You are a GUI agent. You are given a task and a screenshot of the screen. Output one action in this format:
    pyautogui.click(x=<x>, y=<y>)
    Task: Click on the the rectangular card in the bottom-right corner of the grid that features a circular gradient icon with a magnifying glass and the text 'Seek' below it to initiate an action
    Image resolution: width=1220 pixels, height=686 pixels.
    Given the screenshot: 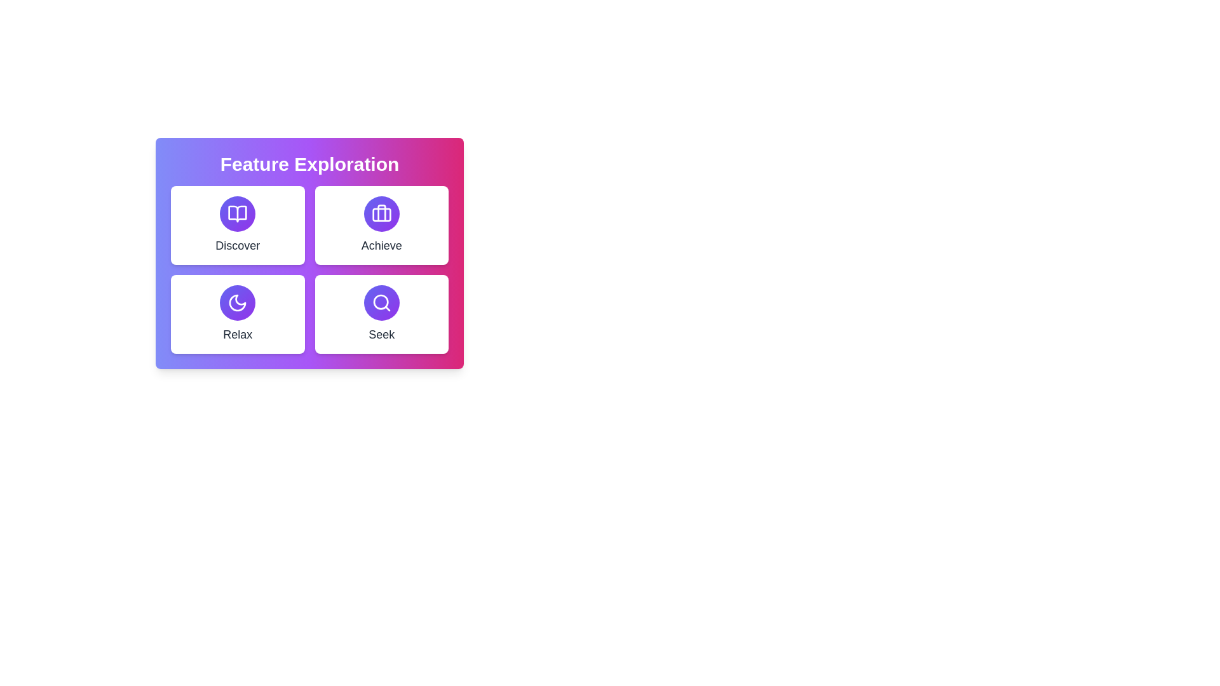 What is the action you would take?
    pyautogui.click(x=381, y=314)
    